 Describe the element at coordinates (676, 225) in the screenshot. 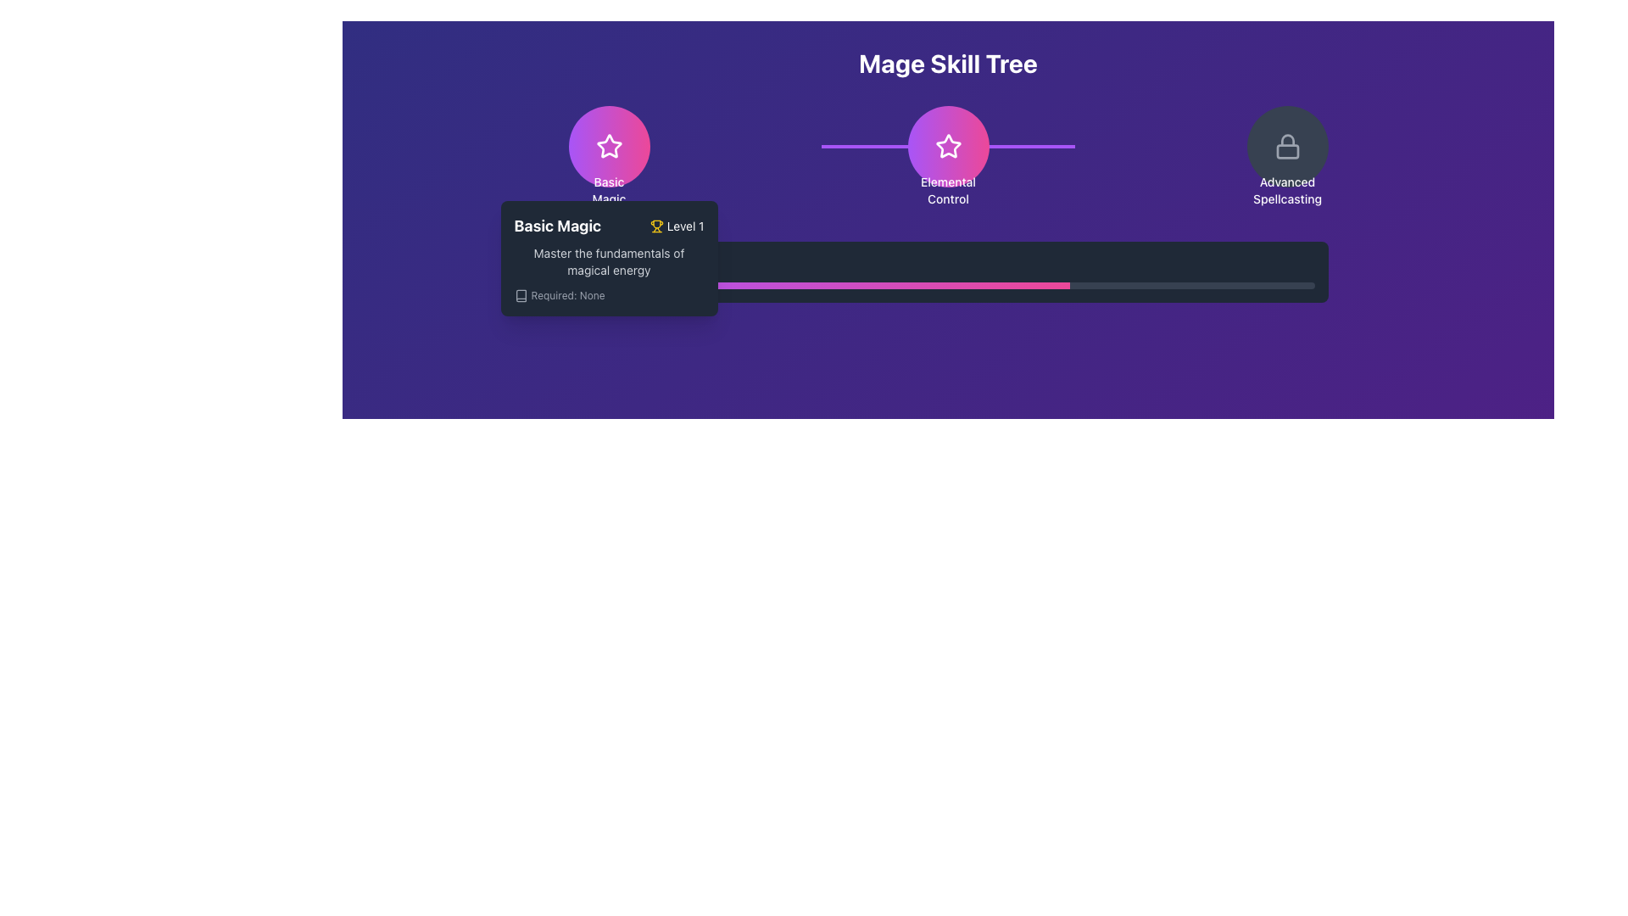

I see `the informational label element featuring a yellow trophy icon followed by the text 'Level 1', located at the bottom-left corner of the interface near the 'Basic Magic' skill node` at that location.